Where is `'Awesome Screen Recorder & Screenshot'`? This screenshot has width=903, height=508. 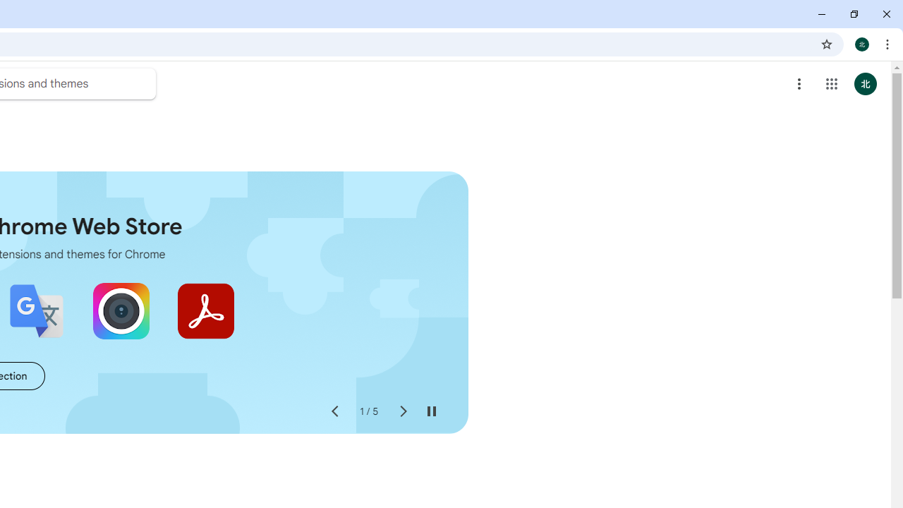 'Awesome Screen Recorder & Screenshot' is located at coordinates (121, 310).